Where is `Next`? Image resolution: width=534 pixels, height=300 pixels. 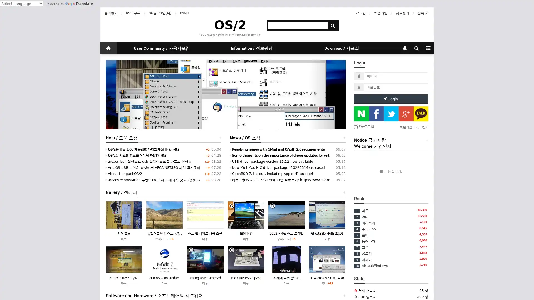 Next is located at coordinates (327, 94).